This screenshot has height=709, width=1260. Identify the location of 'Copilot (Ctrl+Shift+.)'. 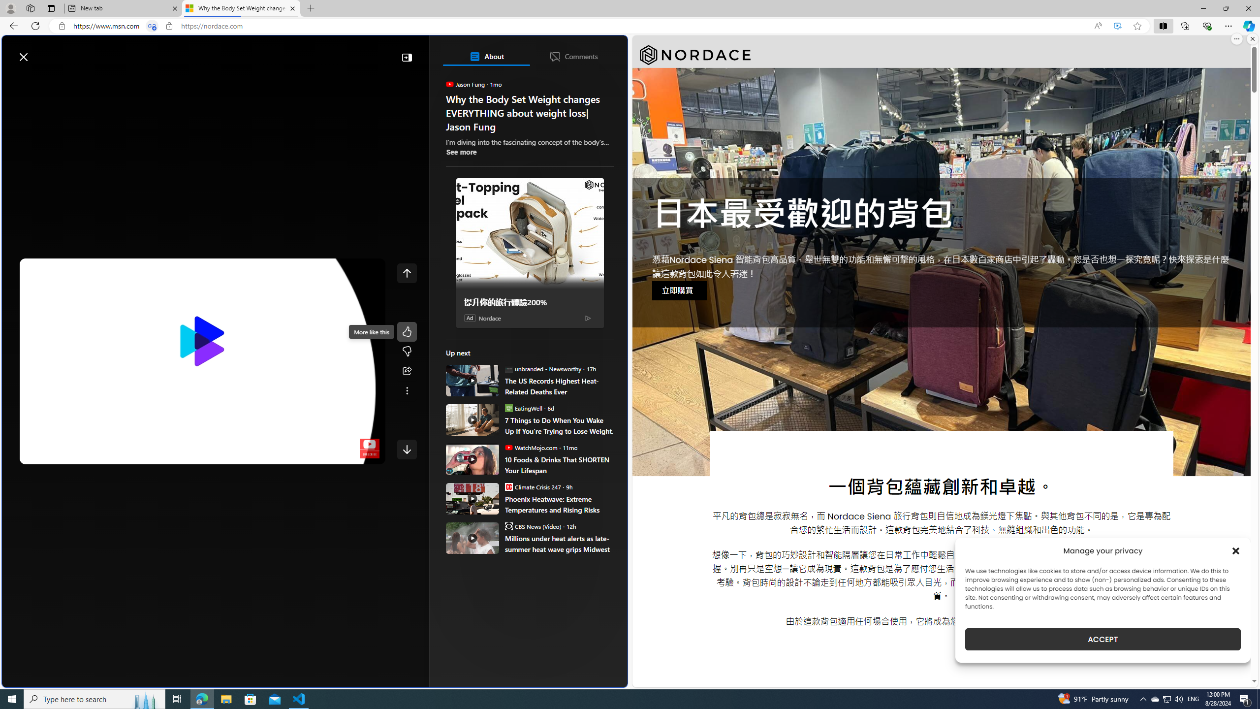
(1248, 25).